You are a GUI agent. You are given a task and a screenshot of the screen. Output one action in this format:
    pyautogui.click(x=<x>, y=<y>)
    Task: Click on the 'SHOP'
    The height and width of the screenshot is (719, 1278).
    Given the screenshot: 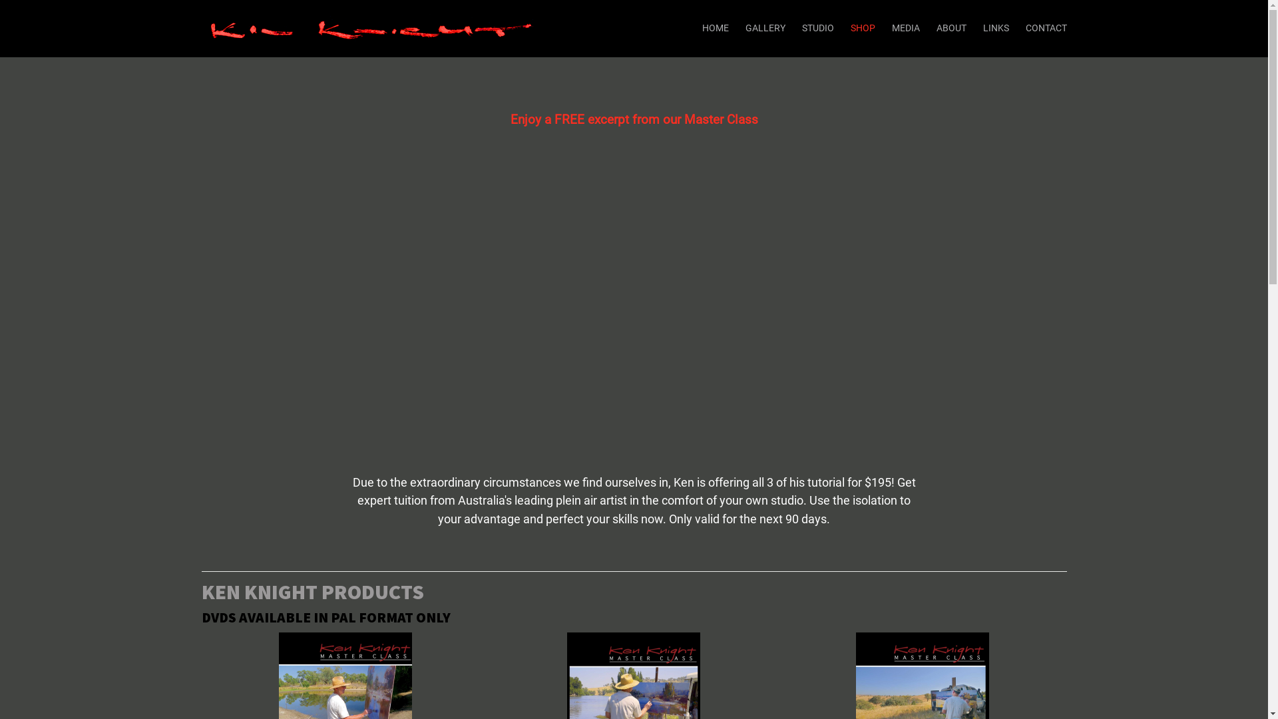 What is the action you would take?
    pyautogui.click(x=863, y=28)
    